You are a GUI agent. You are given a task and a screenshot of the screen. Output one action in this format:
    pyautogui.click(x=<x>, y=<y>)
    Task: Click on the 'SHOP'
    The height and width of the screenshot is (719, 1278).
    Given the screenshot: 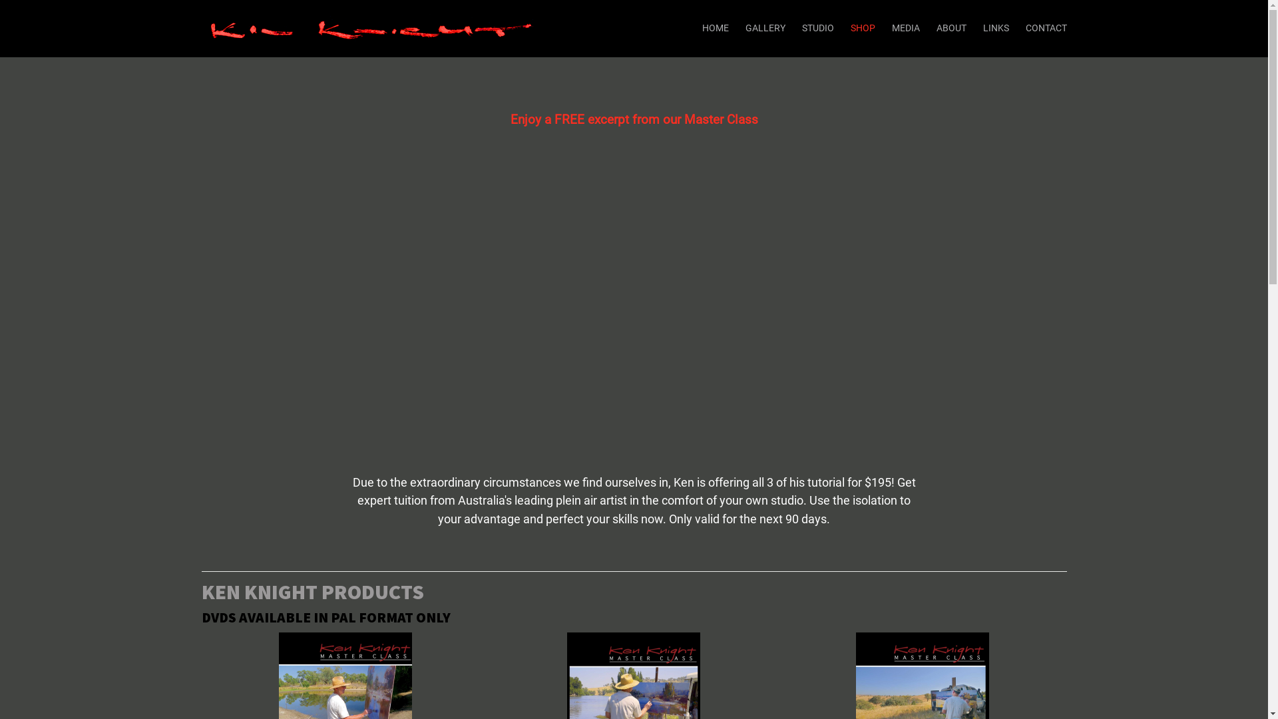 What is the action you would take?
    pyautogui.click(x=863, y=28)
    